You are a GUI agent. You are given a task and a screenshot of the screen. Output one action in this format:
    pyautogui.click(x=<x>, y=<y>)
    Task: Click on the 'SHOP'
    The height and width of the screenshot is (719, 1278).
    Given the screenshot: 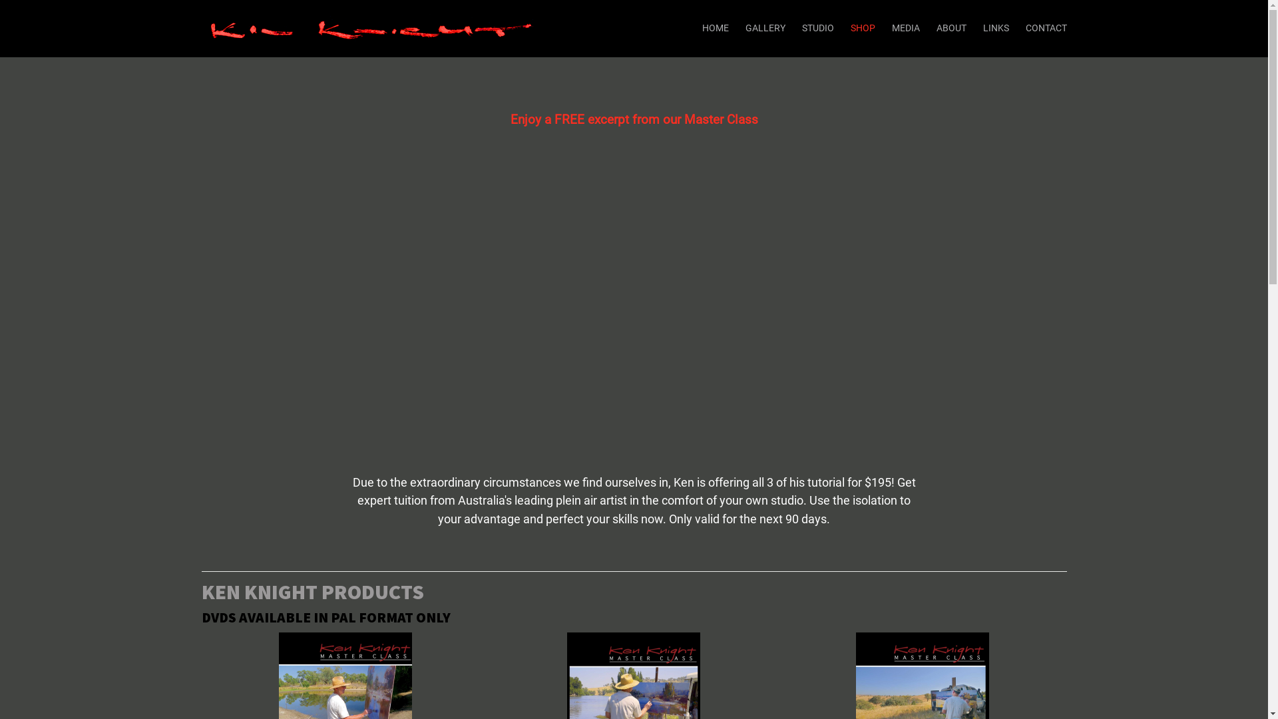 What is the action you would take?
    pyautogui.click(x=863, y=28)
    